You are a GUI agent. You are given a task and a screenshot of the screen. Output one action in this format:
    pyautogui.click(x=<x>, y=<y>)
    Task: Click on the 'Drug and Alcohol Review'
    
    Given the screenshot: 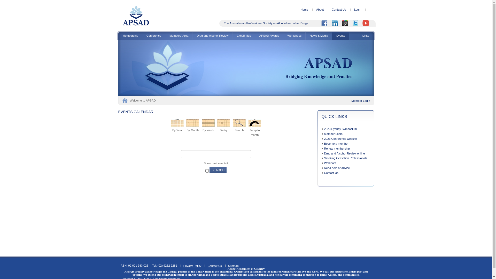 What is the action you would take?
    pyautogui.click(x=212, y=35)
    